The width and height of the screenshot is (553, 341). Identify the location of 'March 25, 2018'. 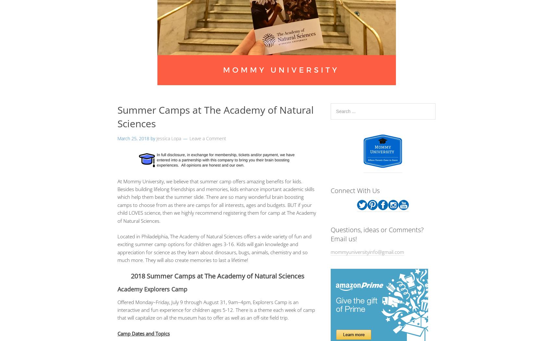
(133, 138).